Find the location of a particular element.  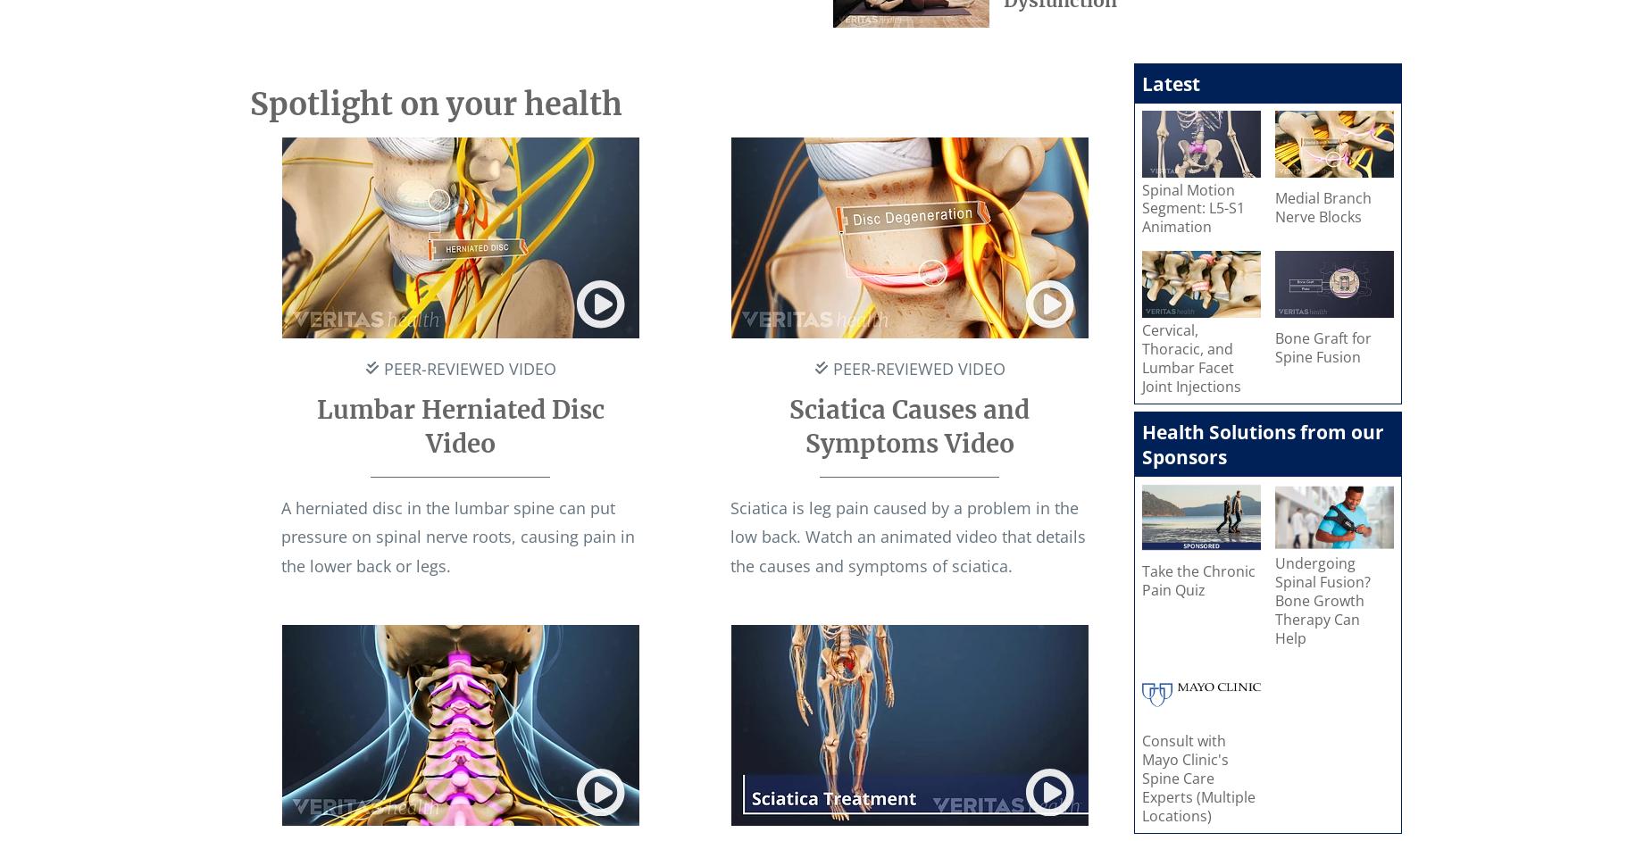

'Bone Graft for Spine Fusion' is located at coordinates (1323, 347).